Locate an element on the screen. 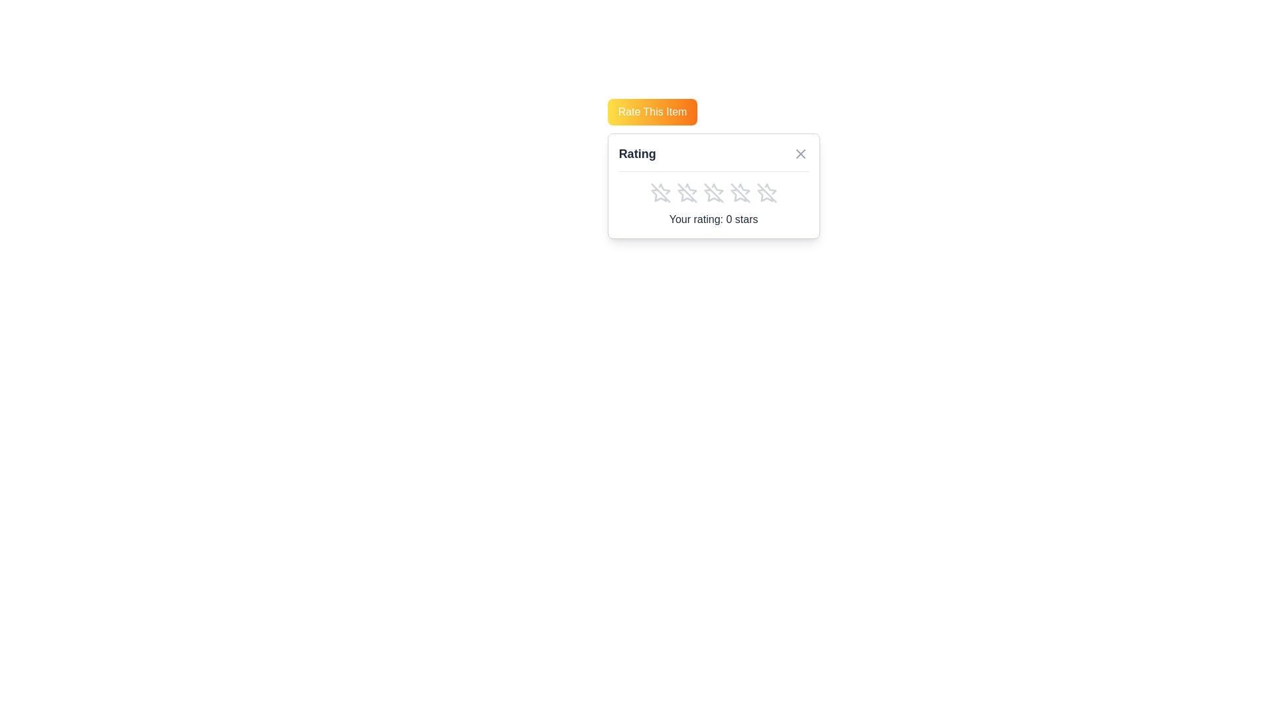  the second star icon from the left in the rating component of the pop-up card titled 'Rating', which is currently in a disabled state with a gray color scheme is located at coordinates (687, 193).